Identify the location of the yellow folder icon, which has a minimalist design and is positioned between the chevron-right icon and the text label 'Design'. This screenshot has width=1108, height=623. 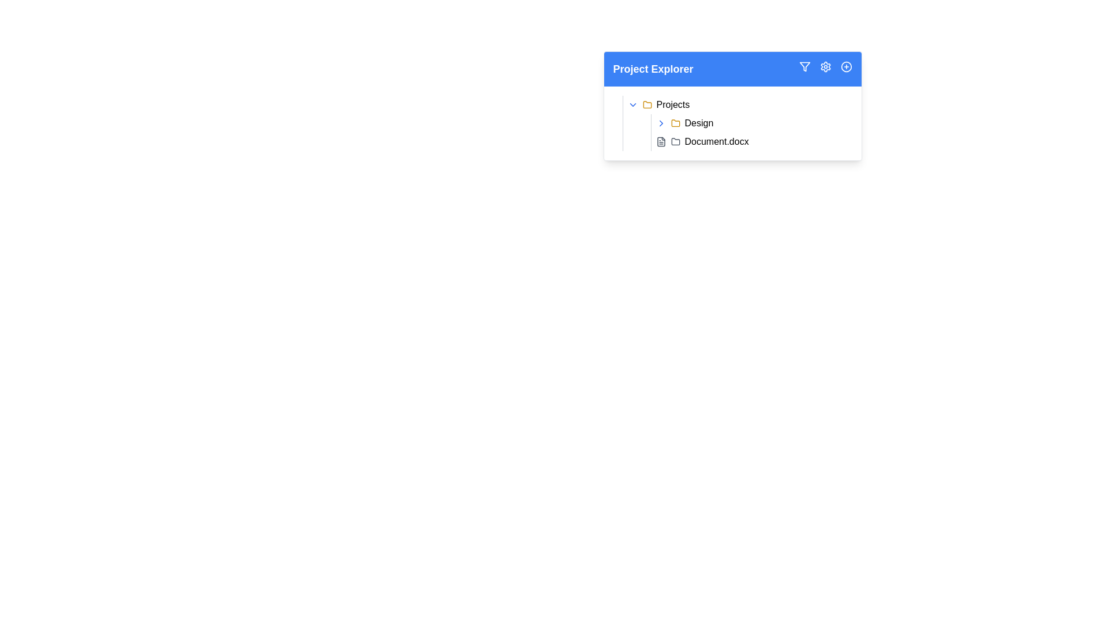
(675, 123).